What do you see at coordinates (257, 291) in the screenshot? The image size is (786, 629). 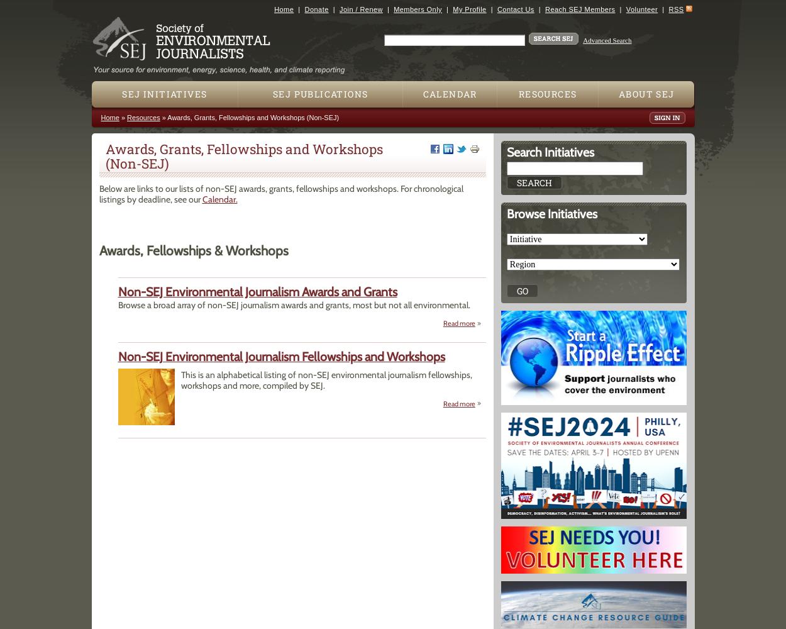 I see `'Non-SEJ Environmental Journalism Awards and Grants'` at bounding box center [257, 291].